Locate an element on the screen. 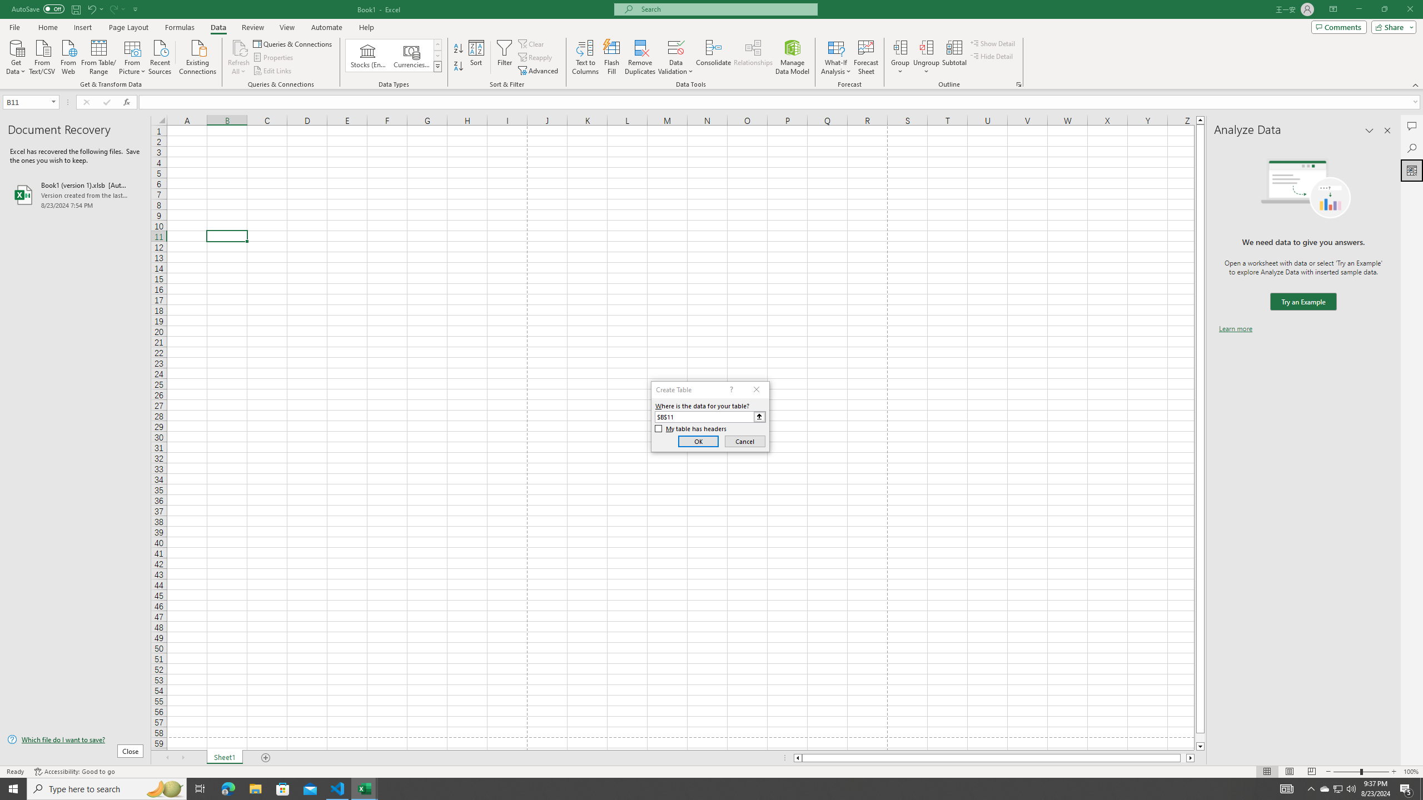 This screenshot has width=1423, height=800. 'Existing Connections' is located at coordinates (197, 56).